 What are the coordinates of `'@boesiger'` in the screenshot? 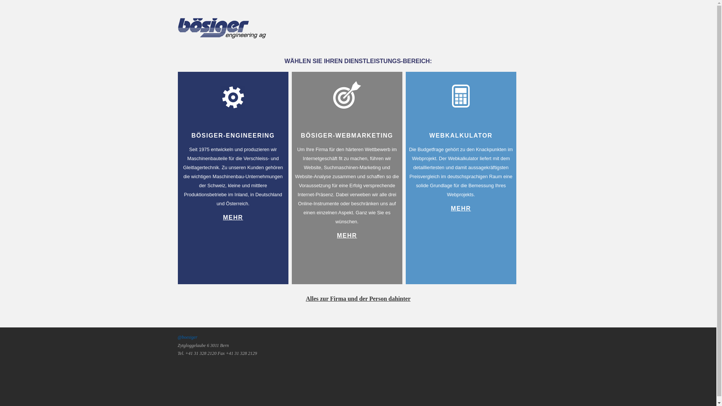 It's located at (187, 337).